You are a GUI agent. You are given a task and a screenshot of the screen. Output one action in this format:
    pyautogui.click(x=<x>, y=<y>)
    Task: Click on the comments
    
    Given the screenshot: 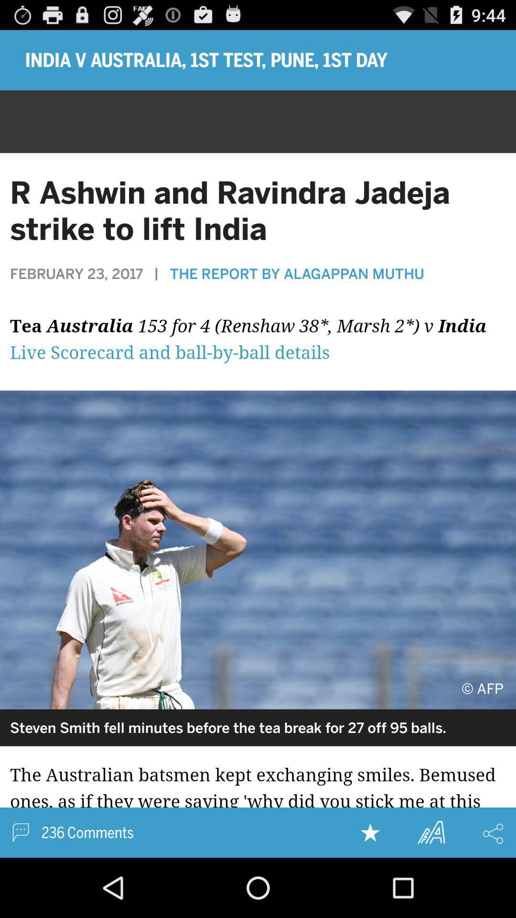 What is the action you would take?
    pyautogui.click(x=21, y=832)
    